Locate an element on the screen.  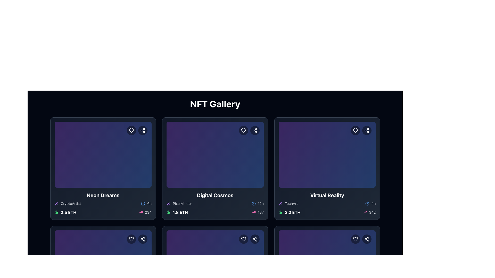
the heart-shaped icon button located at the top-right corner of the 'Neon Dreams' item card is located at coordinates (131, 130).